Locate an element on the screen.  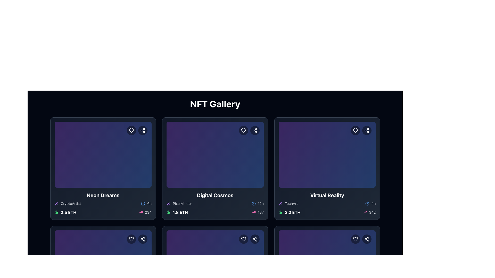
the heart-shaped icon button located at the top-right corner of the 'Neon Dreams' item card is located at coordinates (131, 130).